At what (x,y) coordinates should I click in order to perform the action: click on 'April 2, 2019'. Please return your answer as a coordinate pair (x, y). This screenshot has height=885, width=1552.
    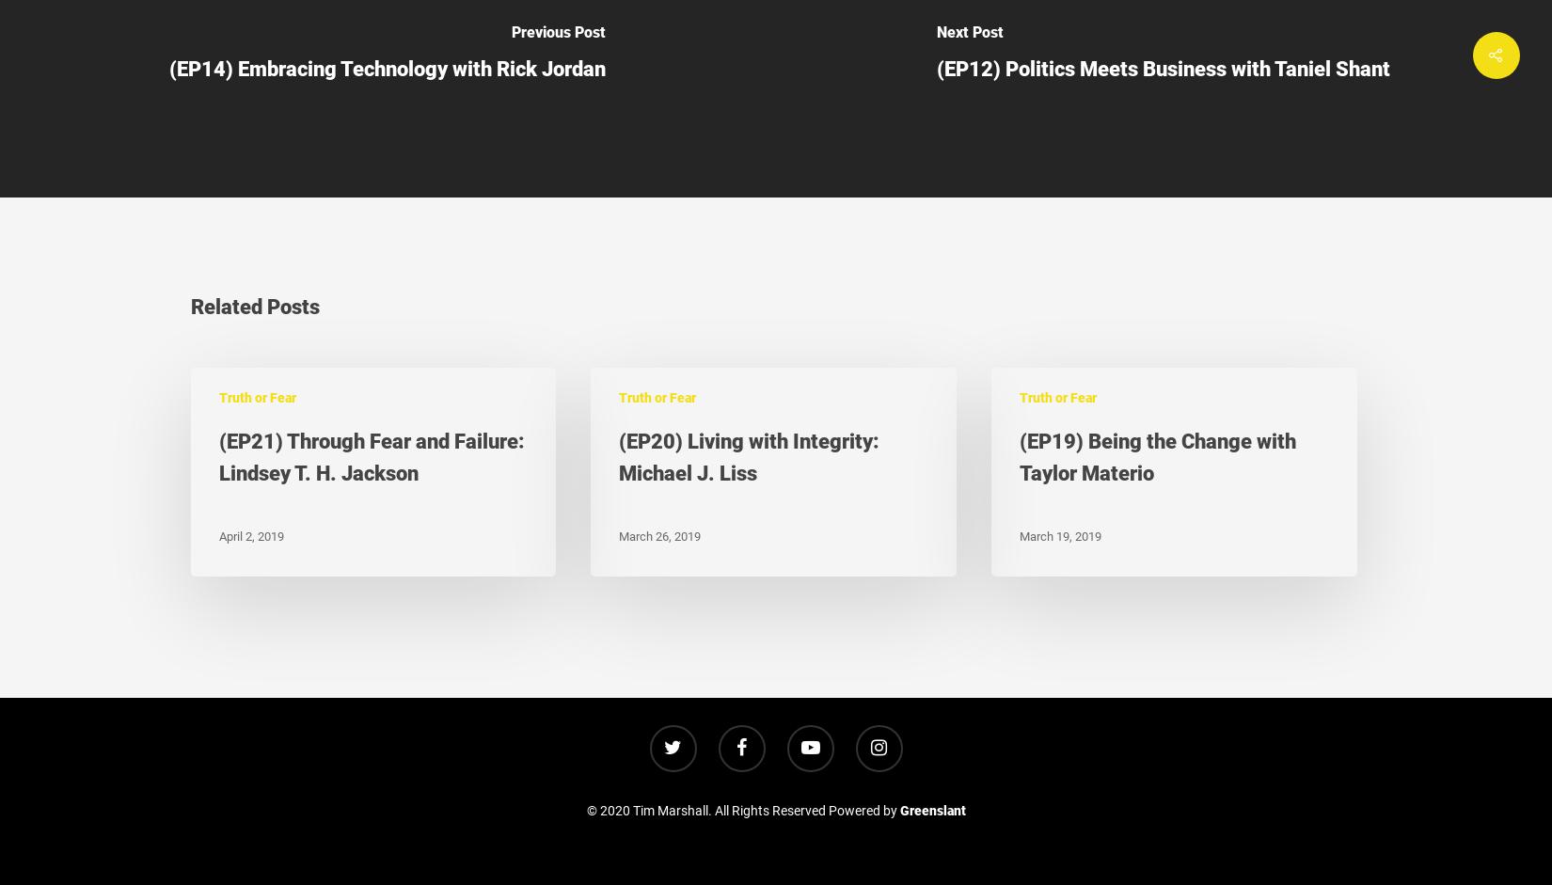
    Looking at the image, I should click on (250, 535).